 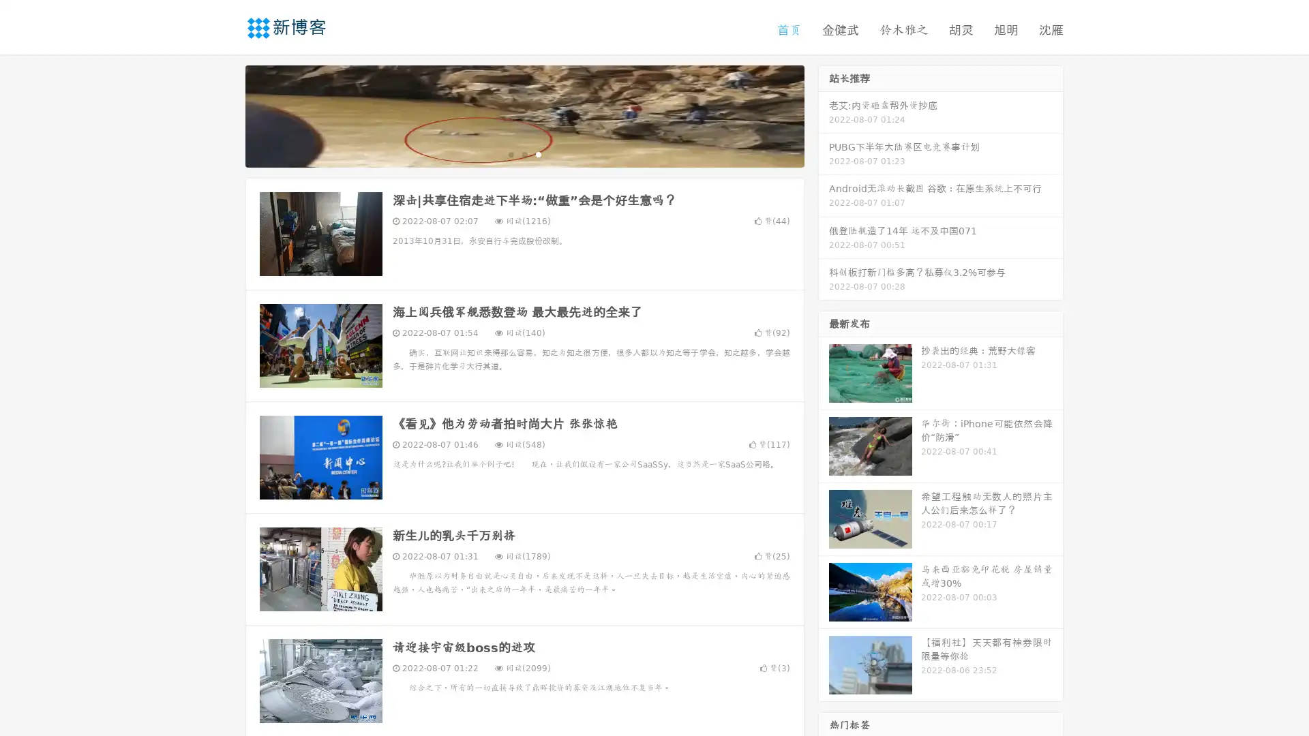 What do you see at coordinates (524, 153) in the screenshot?
I see `Go to slide 2` at bounding box center [524, 153].